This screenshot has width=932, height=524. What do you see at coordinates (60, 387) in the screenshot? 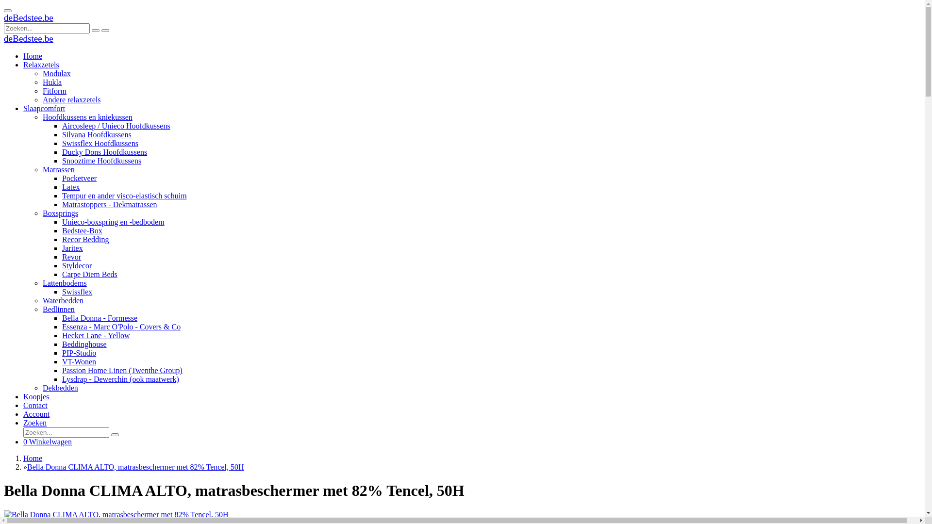
I see `'Dekbedden'` at bounding box center [60, 387].